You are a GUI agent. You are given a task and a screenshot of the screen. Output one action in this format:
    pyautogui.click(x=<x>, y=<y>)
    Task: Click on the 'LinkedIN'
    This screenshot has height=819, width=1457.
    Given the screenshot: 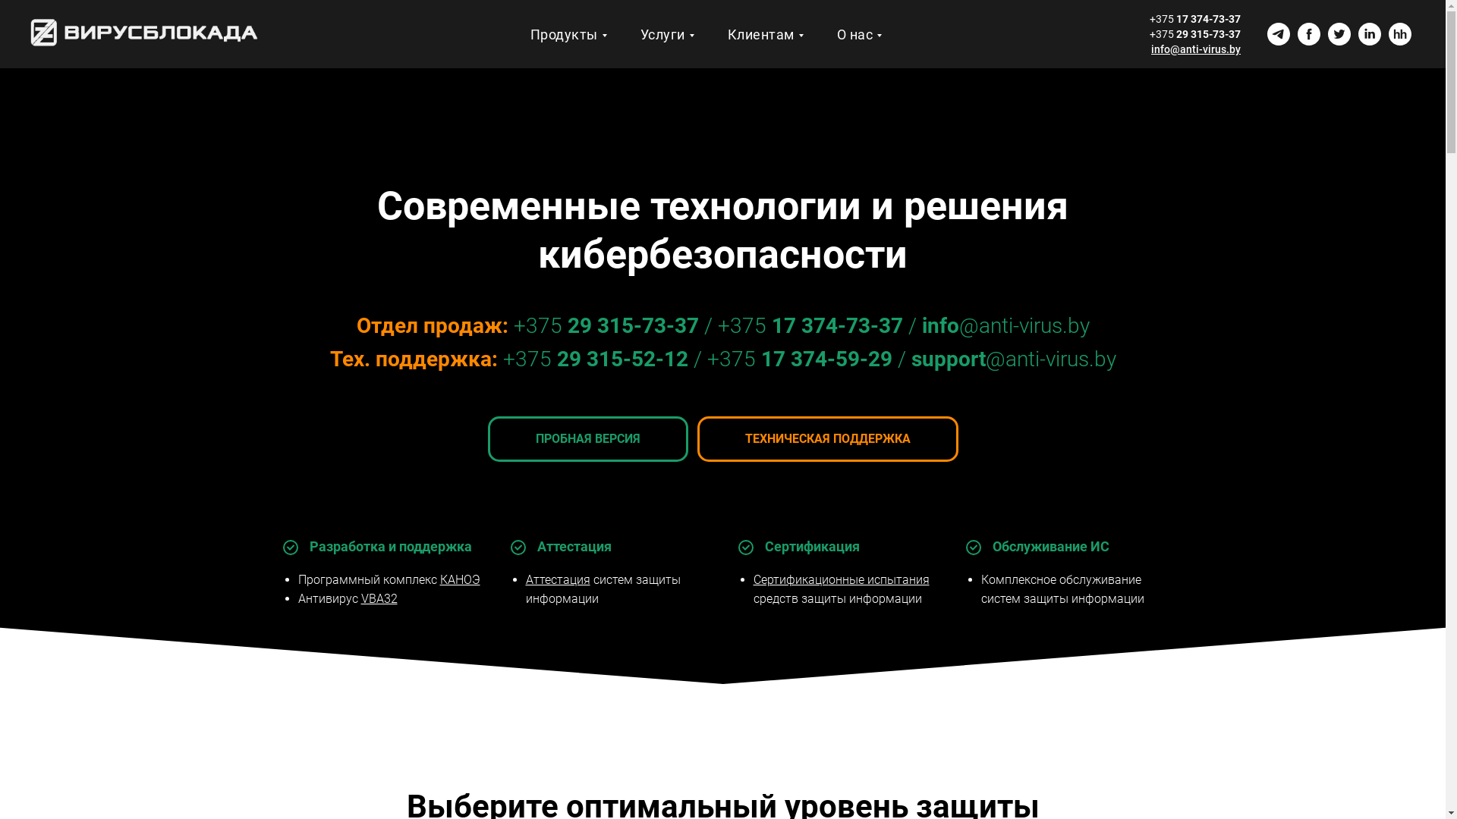 What is the action you would take?
    pyautogui.click(x=1358, y=34)
    